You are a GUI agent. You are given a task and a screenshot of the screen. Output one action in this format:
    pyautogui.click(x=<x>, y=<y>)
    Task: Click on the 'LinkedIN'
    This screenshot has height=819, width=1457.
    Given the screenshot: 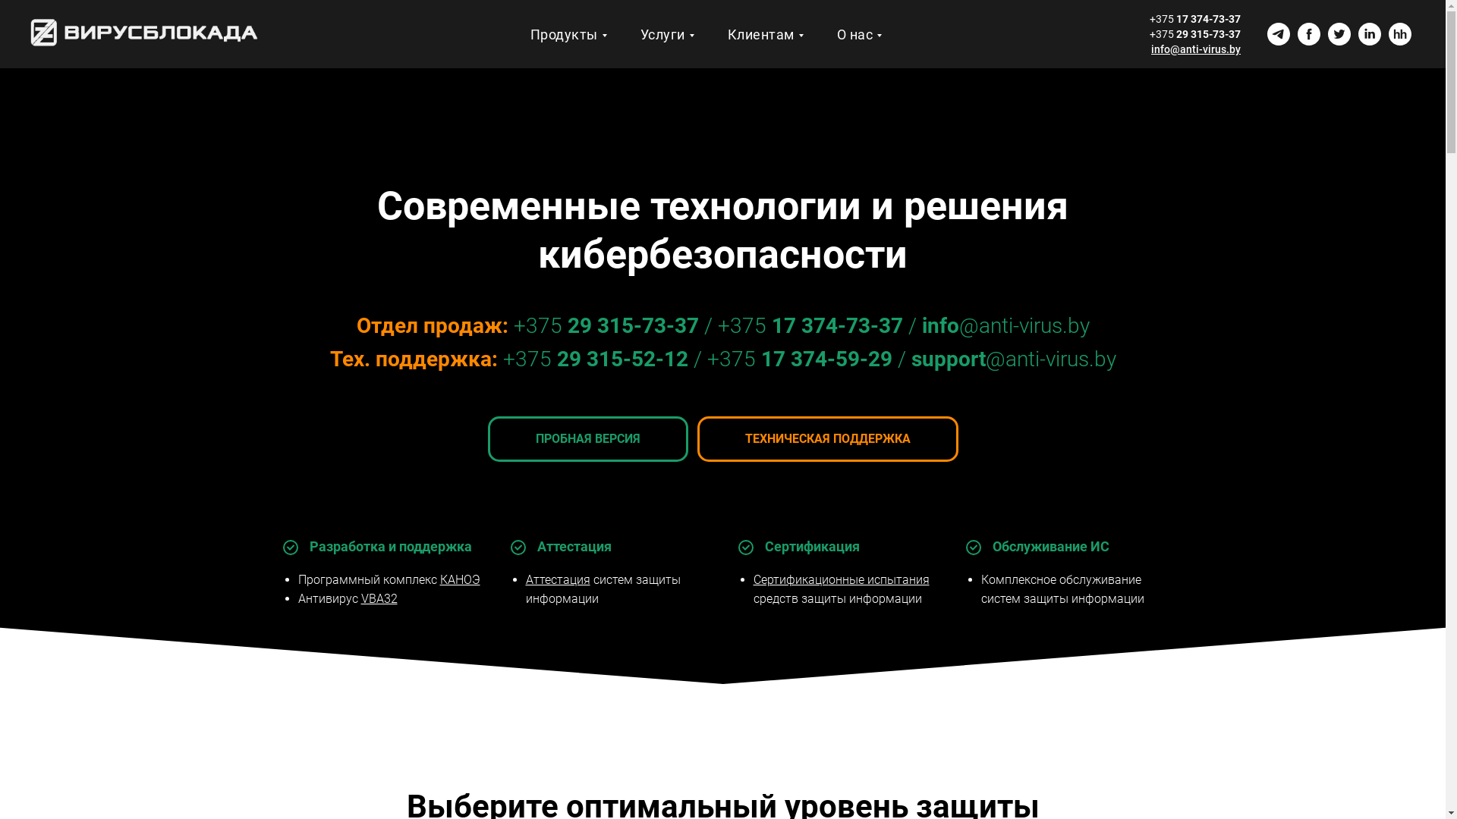 What is the action you would take?
    pyautogui.click(x=1358, y=34)
    